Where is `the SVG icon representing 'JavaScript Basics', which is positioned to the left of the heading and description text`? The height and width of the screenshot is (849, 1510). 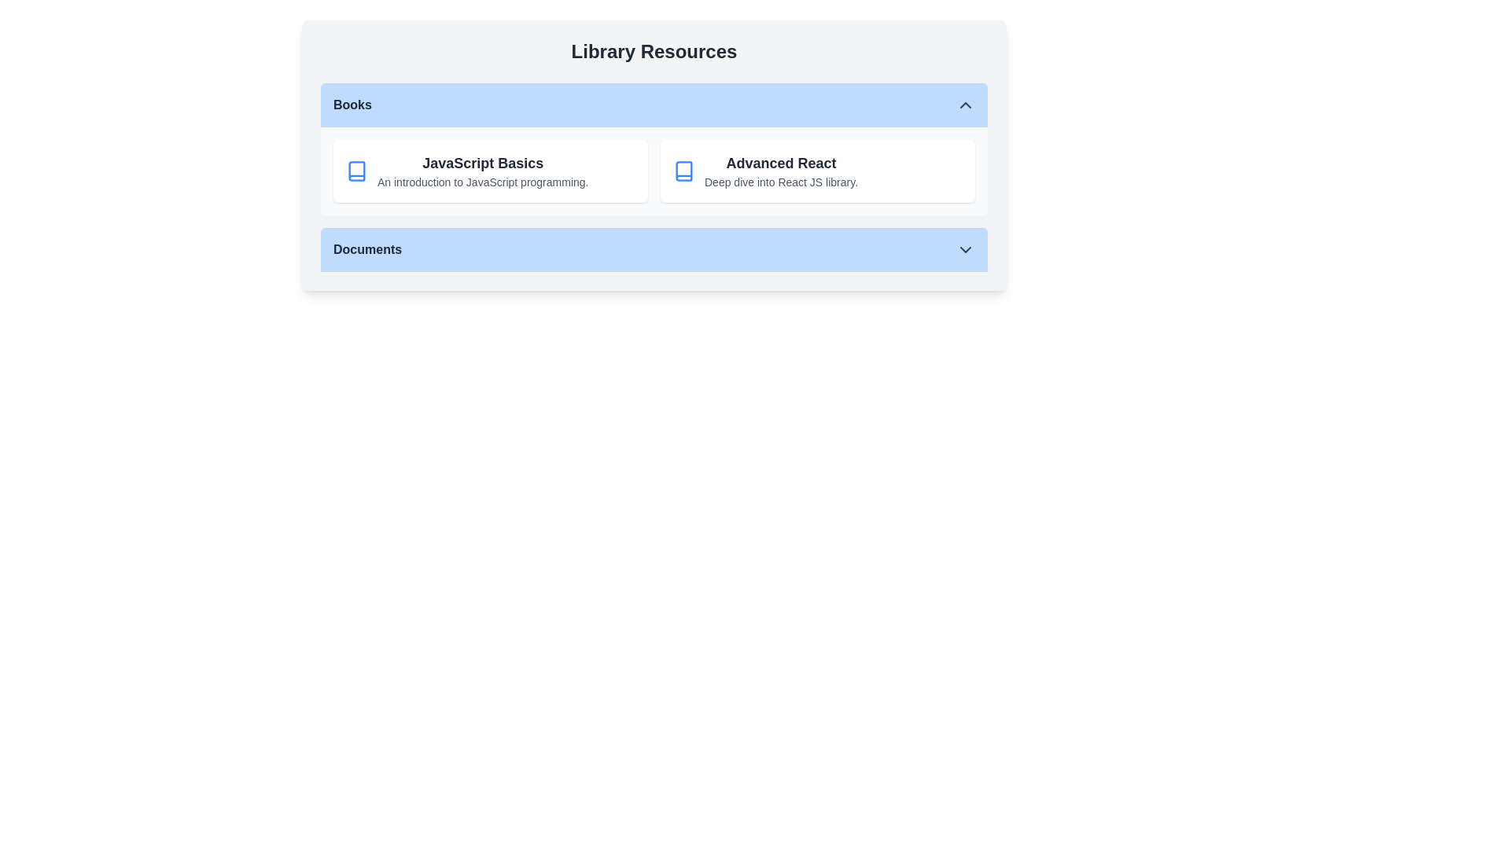
the SVG icon representing 'JavaScript Basics', which is positioned to the left of the heading and description text is located at coordinates (356, 171).